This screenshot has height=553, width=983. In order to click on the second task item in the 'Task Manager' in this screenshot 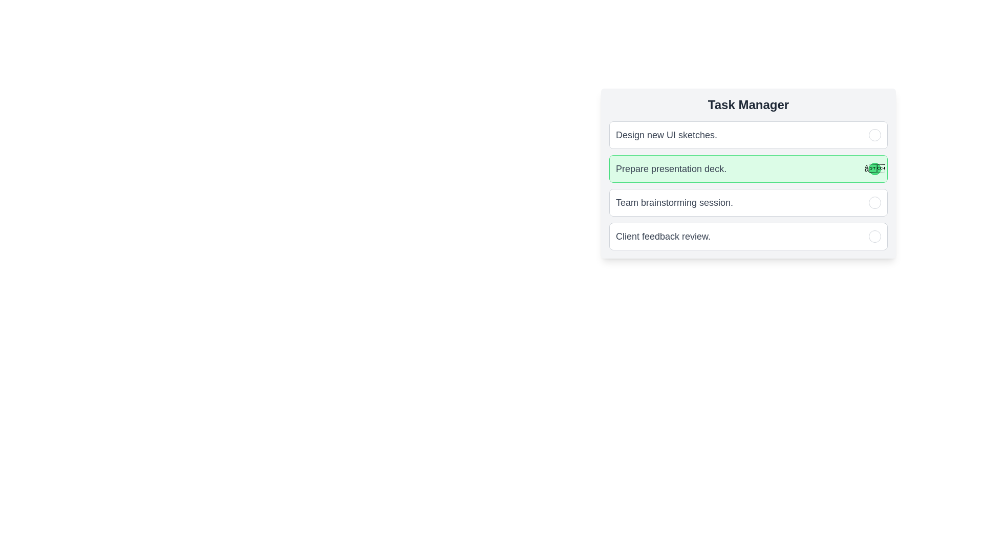, I will do `click(749, 168)`.